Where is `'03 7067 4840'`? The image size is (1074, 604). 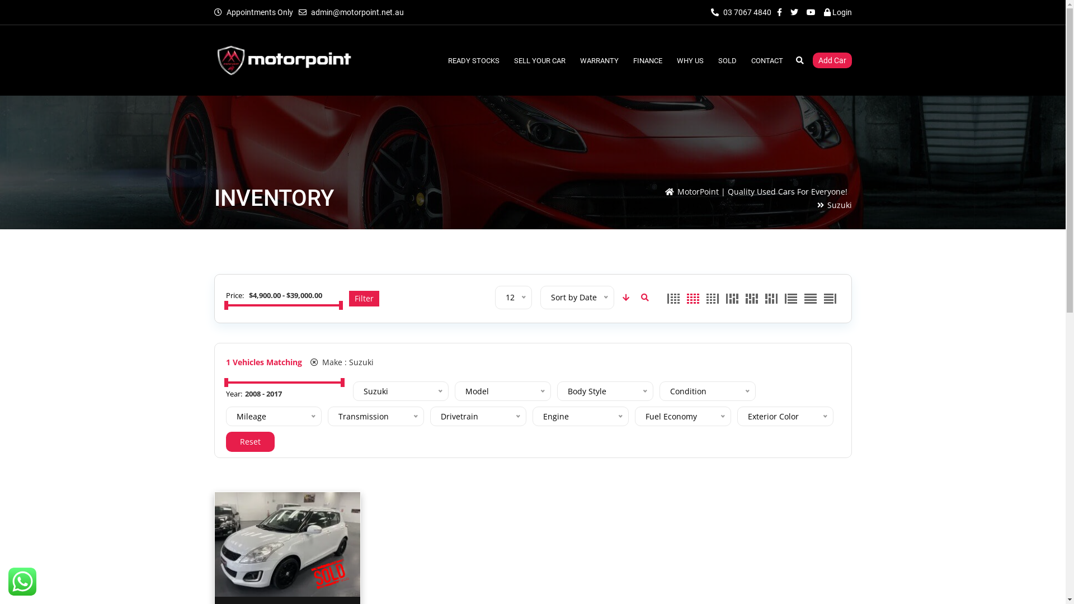
'03 7067 4840' is located at coordinates (741, 12).